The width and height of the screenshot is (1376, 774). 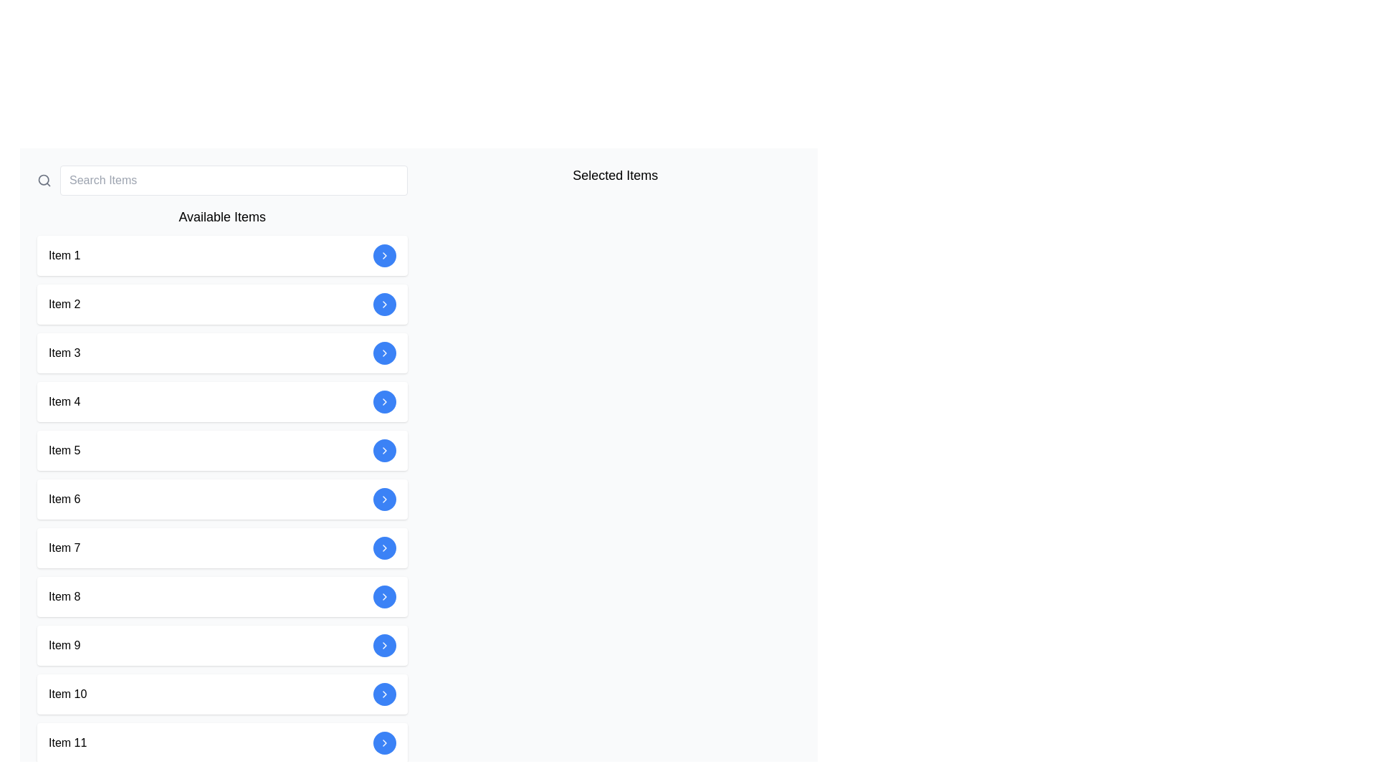 I want to click on the text label identifying 'Item 10' within the 'Available Items' section of the vertical list, so click(x=67, y=693).